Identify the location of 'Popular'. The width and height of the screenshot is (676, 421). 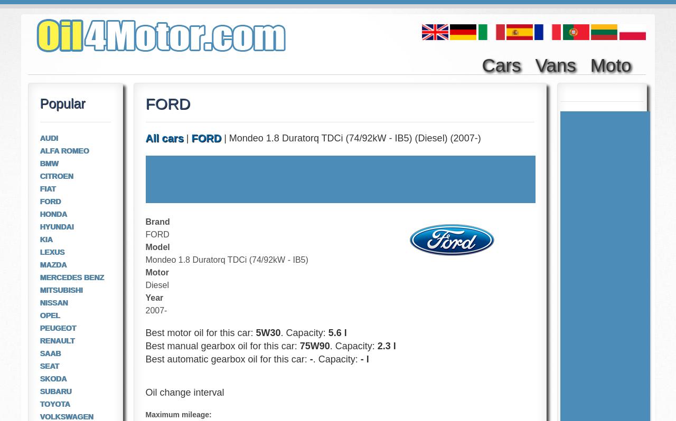
(62, 102).